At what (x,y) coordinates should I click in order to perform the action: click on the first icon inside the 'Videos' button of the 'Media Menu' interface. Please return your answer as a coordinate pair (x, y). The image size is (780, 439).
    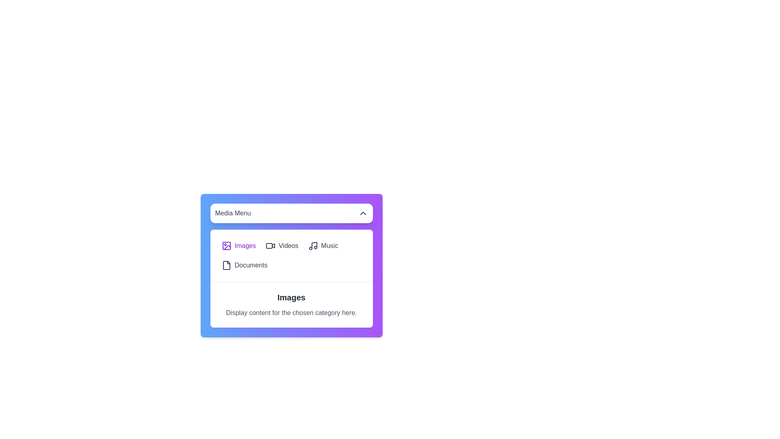
    Looking at the image, I should click on (271, 246).